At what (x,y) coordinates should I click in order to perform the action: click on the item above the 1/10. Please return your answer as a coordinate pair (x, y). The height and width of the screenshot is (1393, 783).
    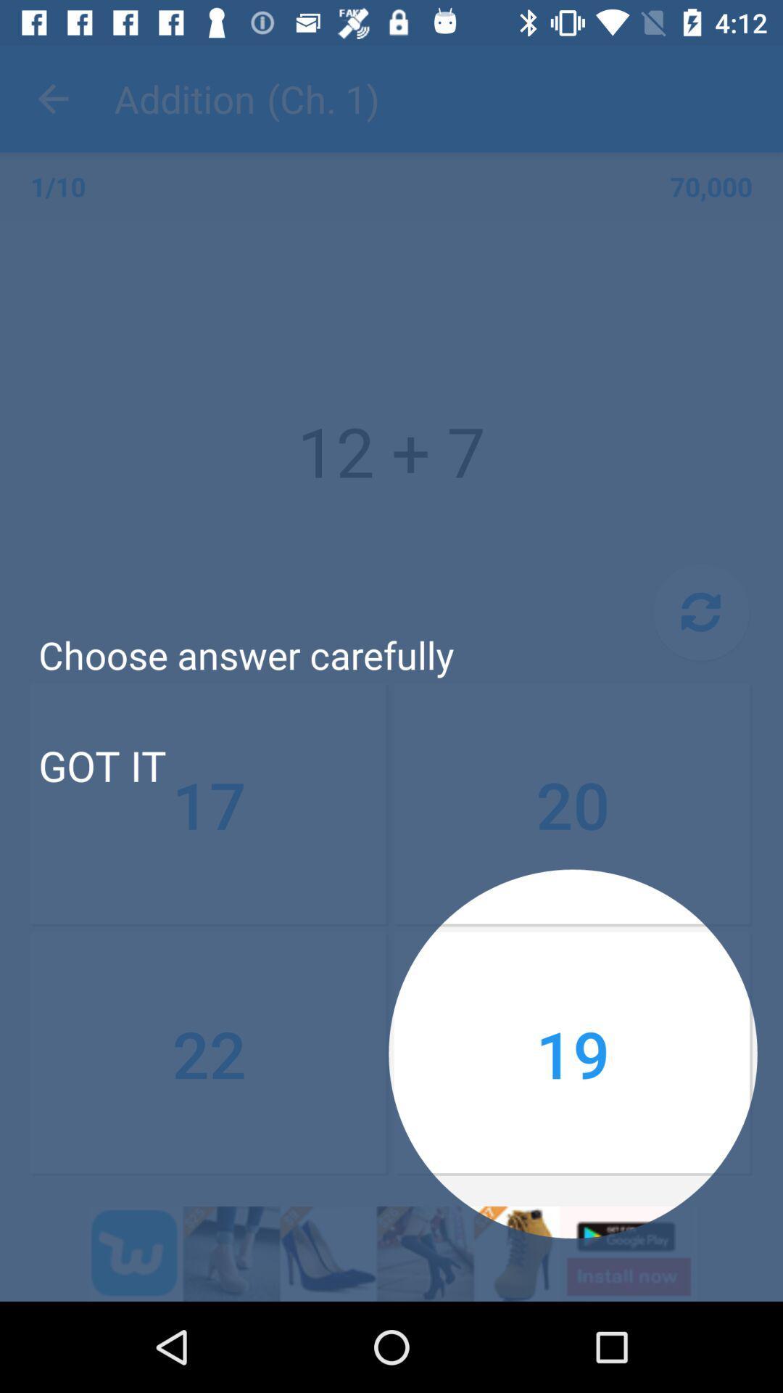
    Looking at the image, I should click on (52, 98).